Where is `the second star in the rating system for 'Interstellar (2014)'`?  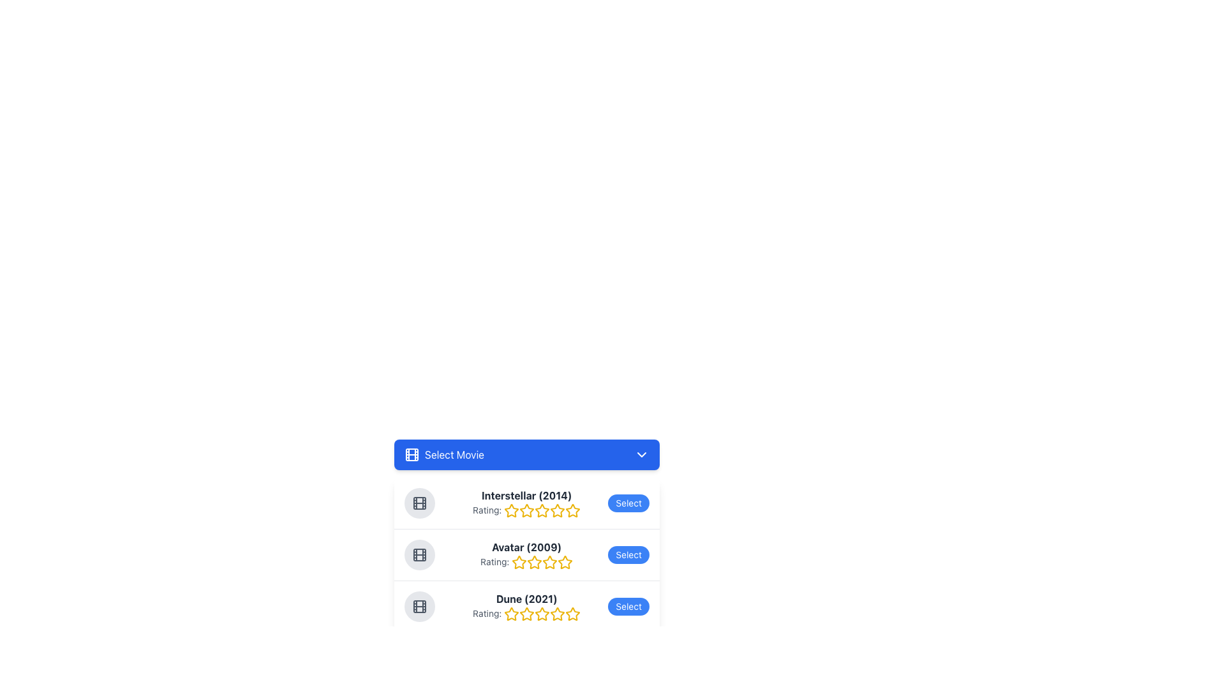 the second star in the rating system for 'Interstellar (2014)' is located at coordinates (526, 510).